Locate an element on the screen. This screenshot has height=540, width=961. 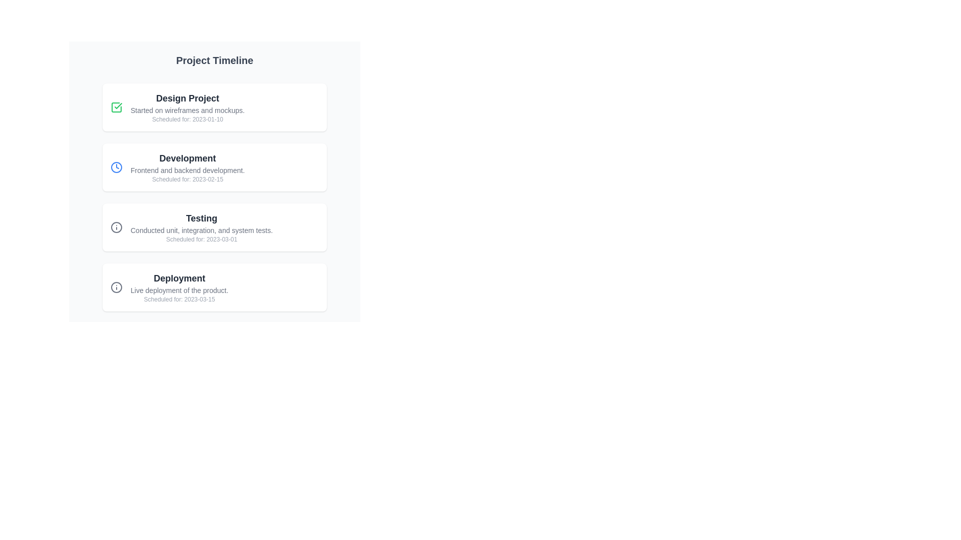
the descriptive Text Label that provides information about the 'Development' stage of the project timeline, positioned centrally below the title 'Development' is located at coordinates (187, 169).